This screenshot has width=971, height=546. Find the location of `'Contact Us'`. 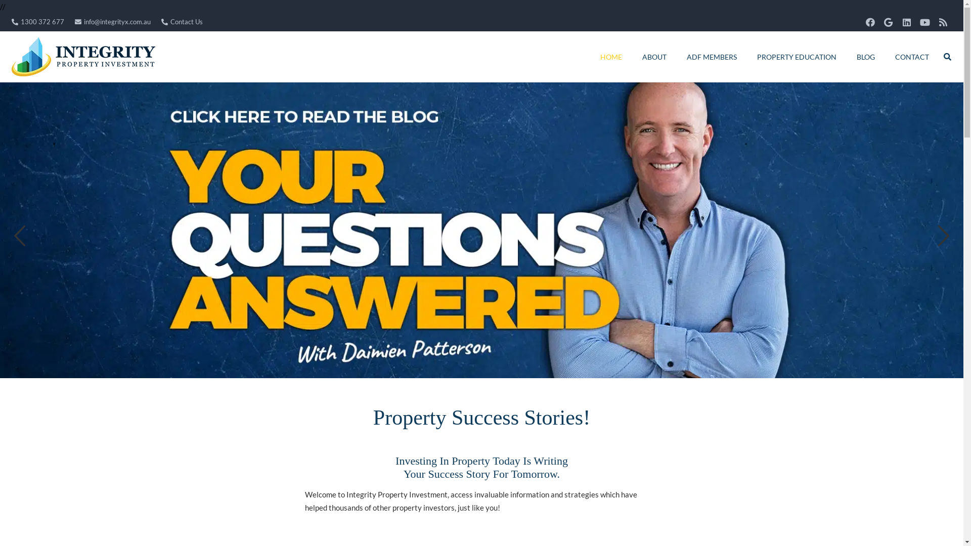

'Contact Us' is located at coordinates (160, 21).